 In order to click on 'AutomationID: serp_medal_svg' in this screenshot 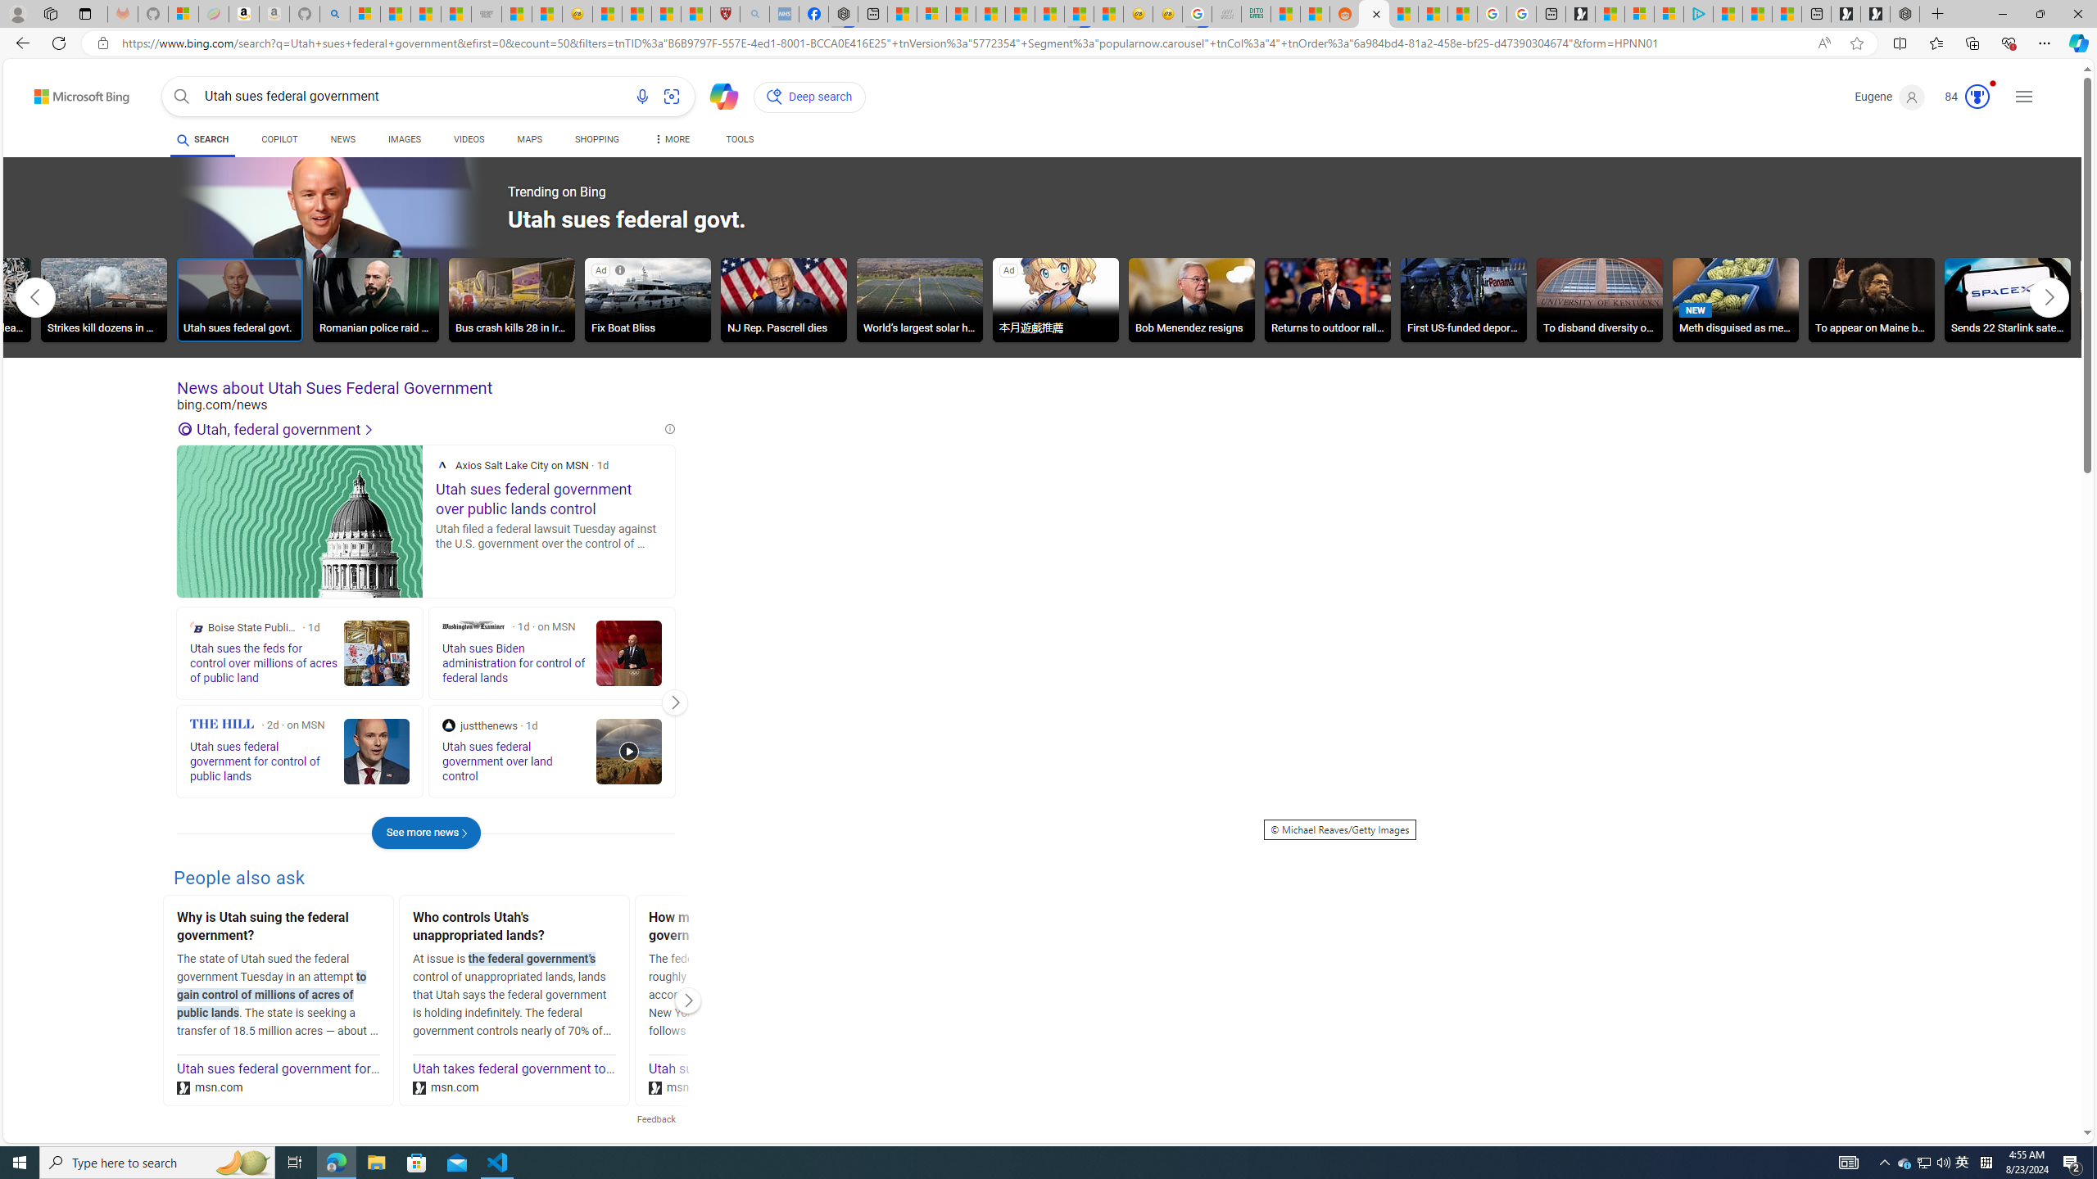, I will do `click(1977, 97)`.